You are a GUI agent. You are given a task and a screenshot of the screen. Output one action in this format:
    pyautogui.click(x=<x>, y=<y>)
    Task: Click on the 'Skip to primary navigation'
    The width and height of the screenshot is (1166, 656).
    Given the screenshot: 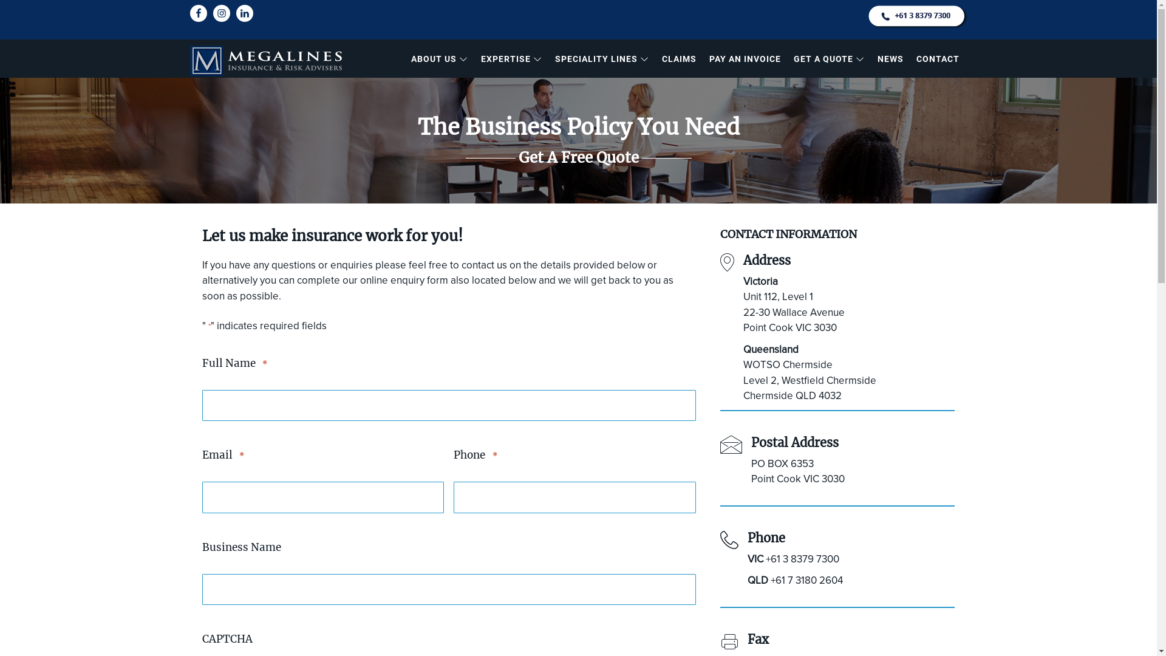 What is the action you would take?
    pyautogui.click(x=0, y=0)
    